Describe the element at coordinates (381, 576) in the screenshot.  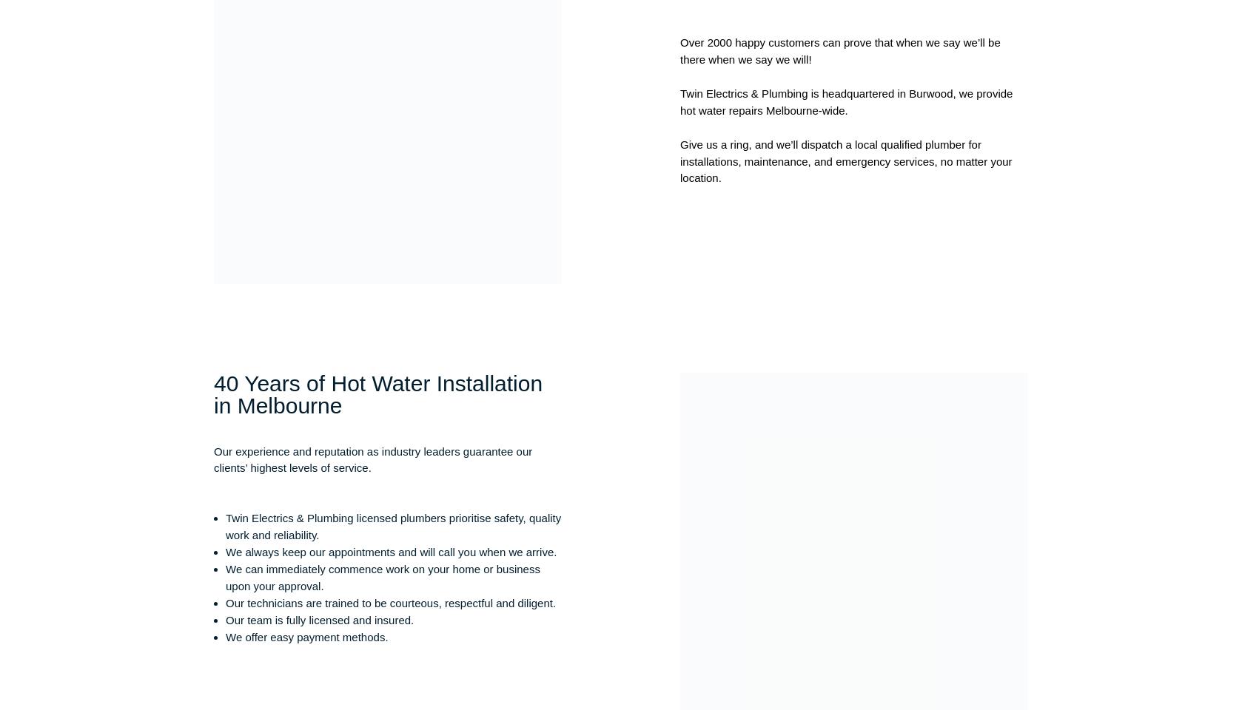
I see `'We can immediately commence work on your home or business upon your approval.'` at that location.